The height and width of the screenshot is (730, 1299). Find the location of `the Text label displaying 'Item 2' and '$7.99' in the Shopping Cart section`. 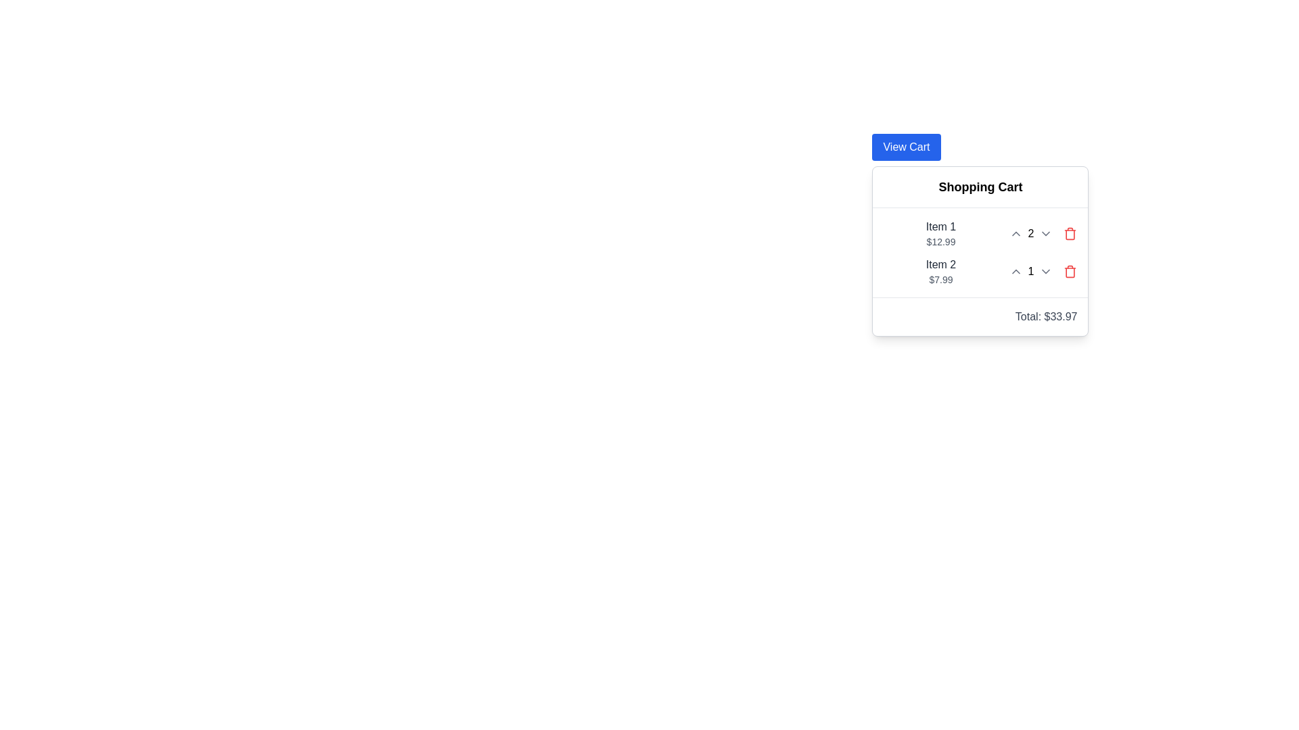

the Text label displaying 'Item 2' and '$7.99' in the Shopping Cart section is located at coordinates (940, 271).